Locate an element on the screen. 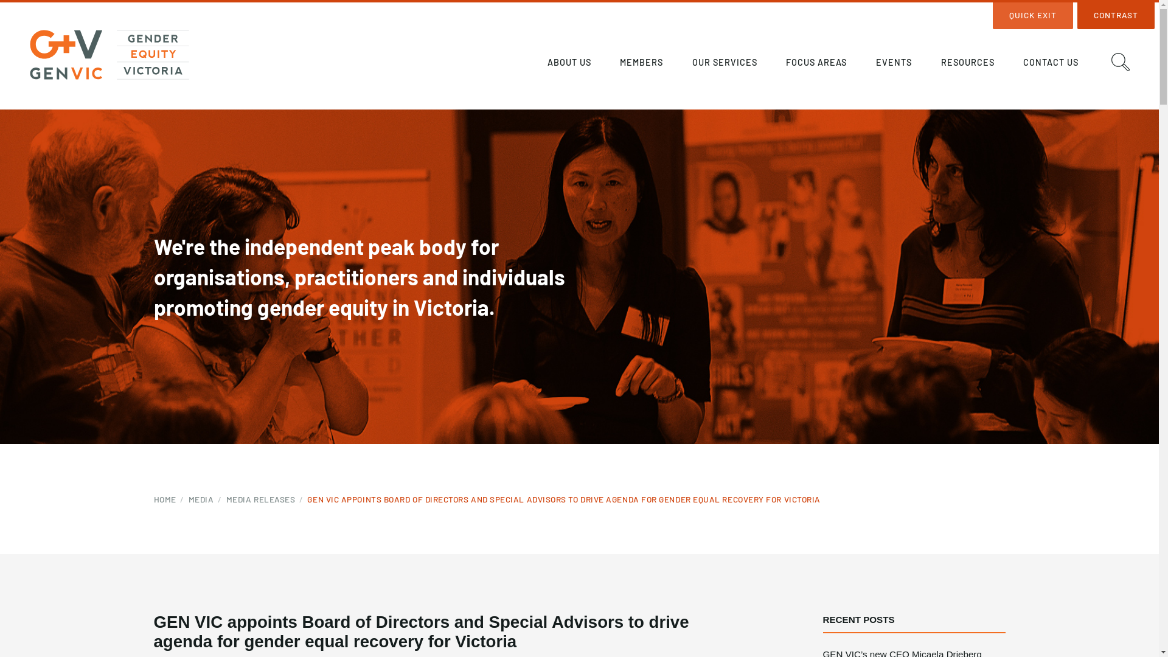 Image resolution: width=1168 pixels, height=657 pixels. 'CONTRAST' is located at coordinates (1116, 16).